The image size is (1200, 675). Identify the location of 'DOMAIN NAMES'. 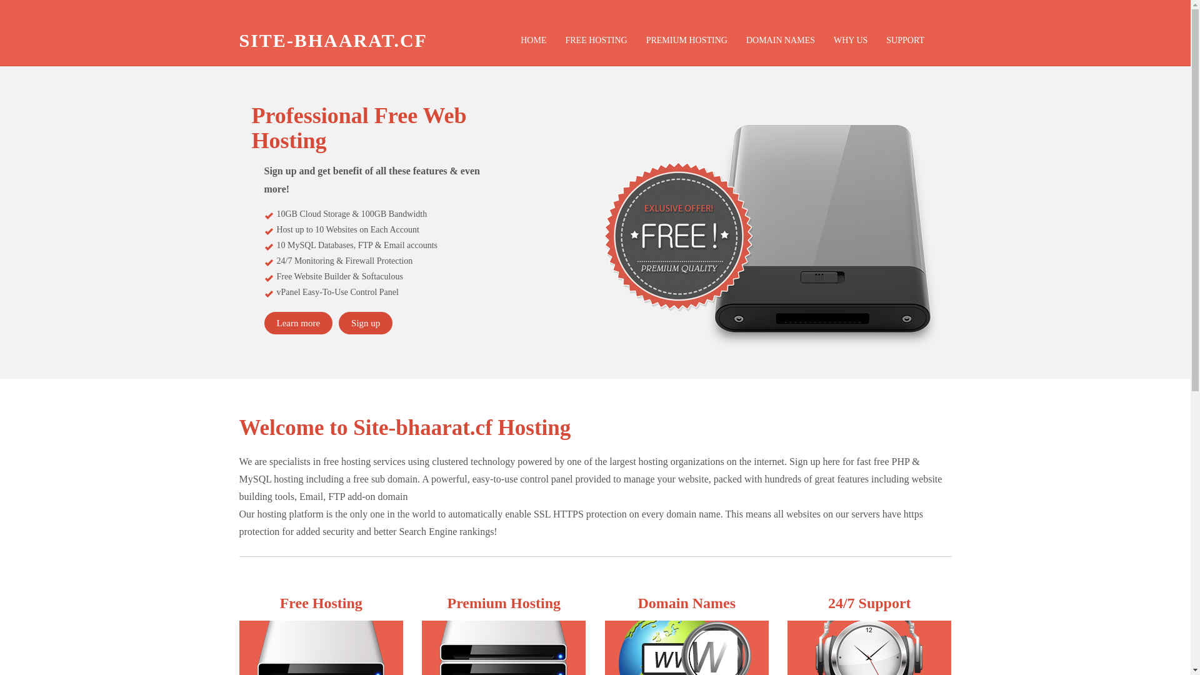
(737, 40).